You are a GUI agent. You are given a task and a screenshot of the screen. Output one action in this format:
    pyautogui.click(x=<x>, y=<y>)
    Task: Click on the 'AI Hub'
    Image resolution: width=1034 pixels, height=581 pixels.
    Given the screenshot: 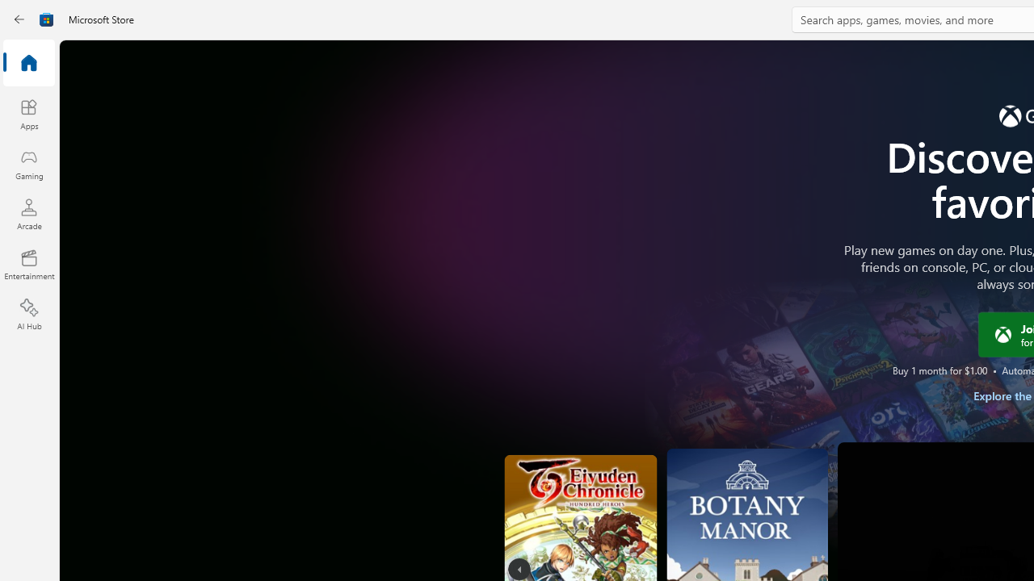 What is the action you would take?
    pyautogui.click(x=28, y=315)
    